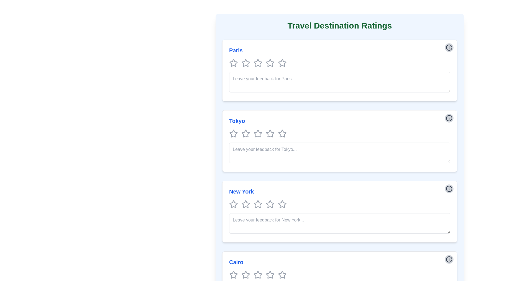  Describe the element at coordinates (270, 133) in the screenshot. I see `the fourth rating star icon in the 'Tokyo' section, which is a hollow gray star in a horizontal set of five stars` at that location.